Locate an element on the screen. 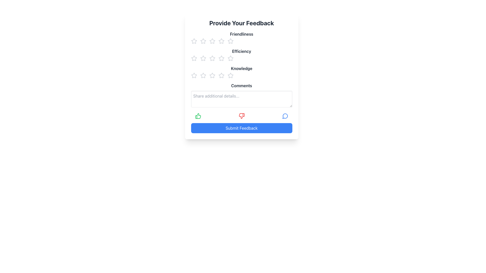 The width and height of the screenshot is (486, 273). the green thumbs-up icon located at the left end of the feedback section is located at coordinates (198, 116).